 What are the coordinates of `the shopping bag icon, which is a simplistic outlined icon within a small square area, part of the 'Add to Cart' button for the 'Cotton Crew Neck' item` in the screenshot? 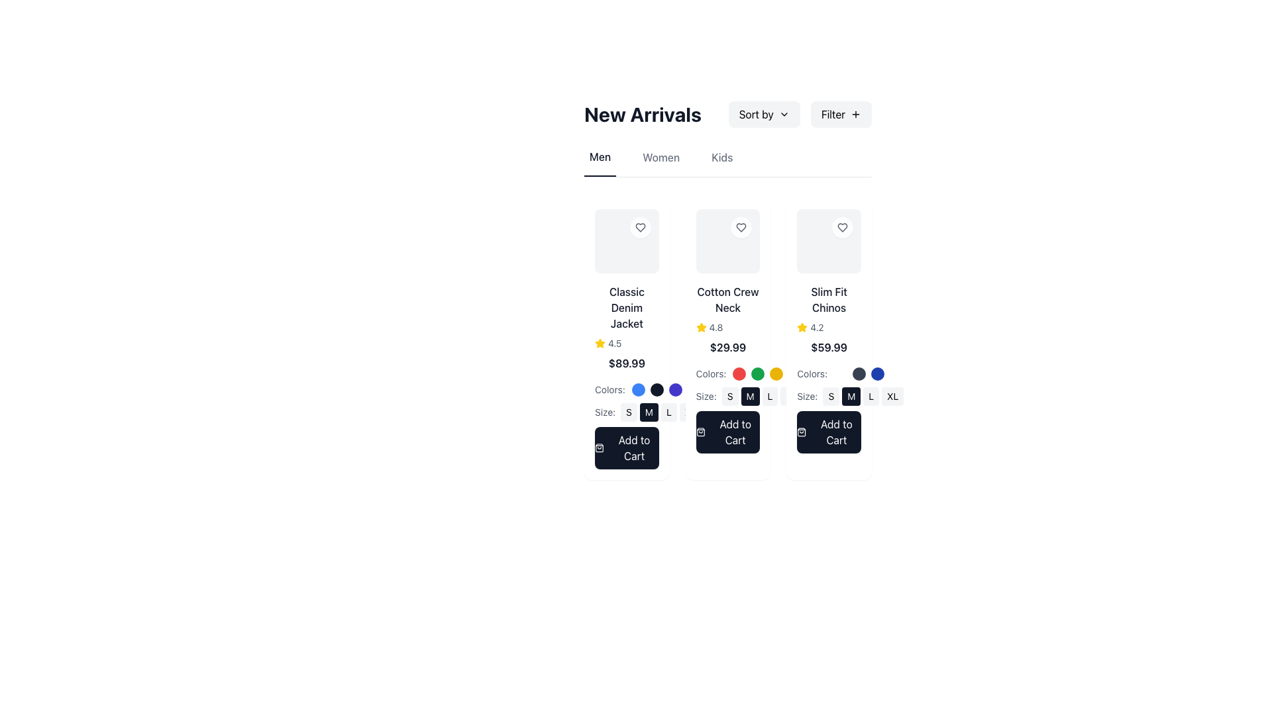 It's located at (700, 432).